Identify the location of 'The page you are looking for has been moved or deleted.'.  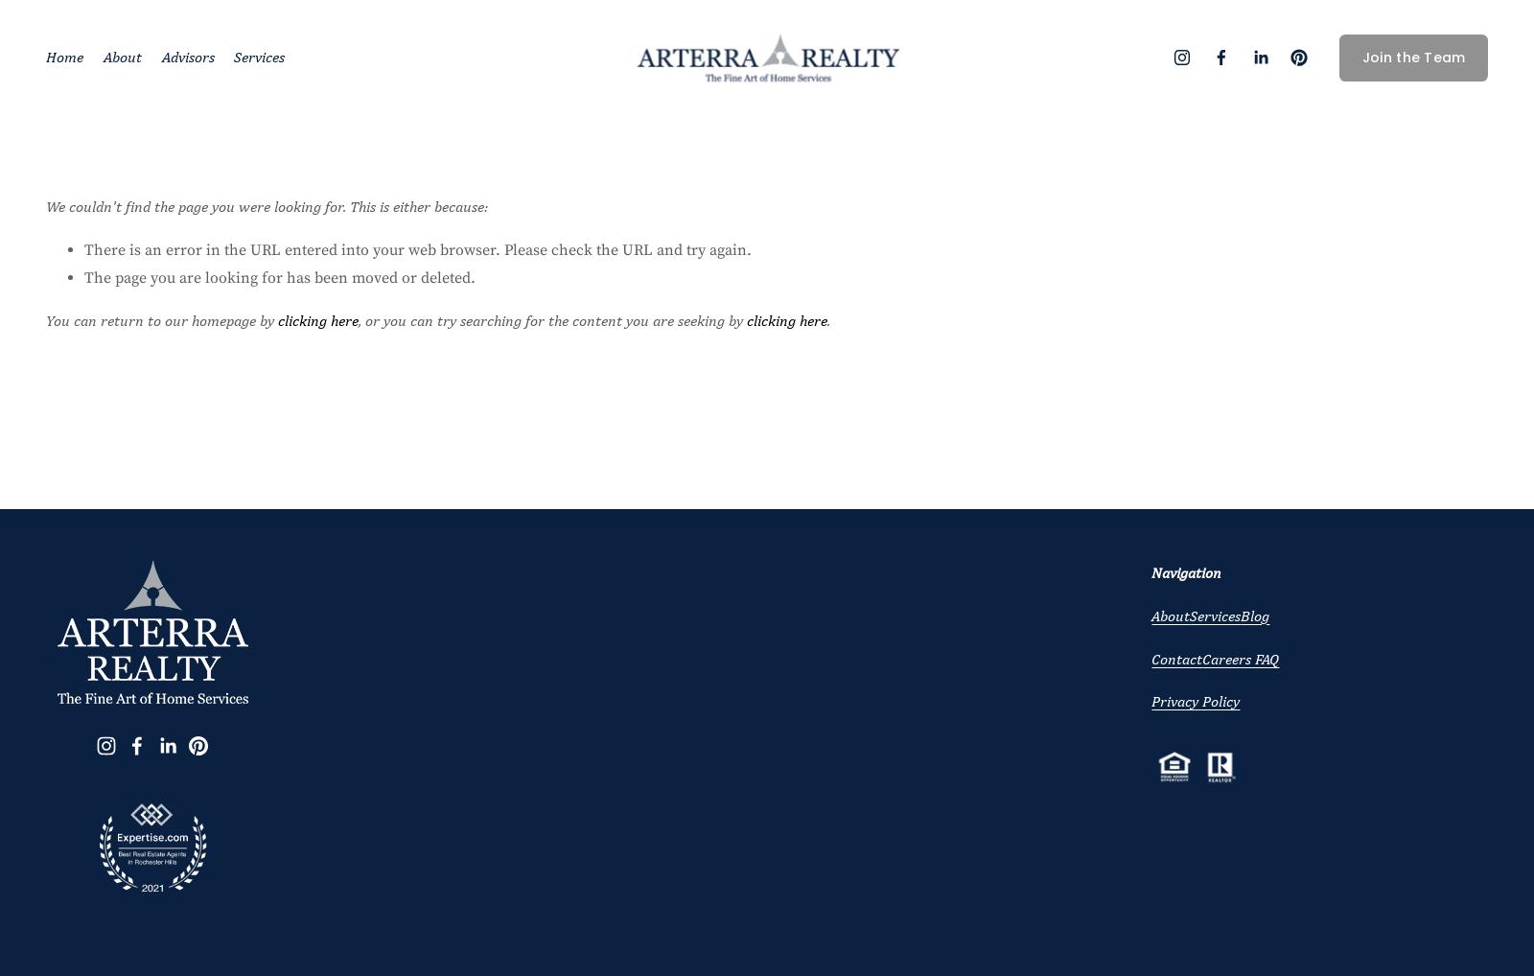
(280, 277).